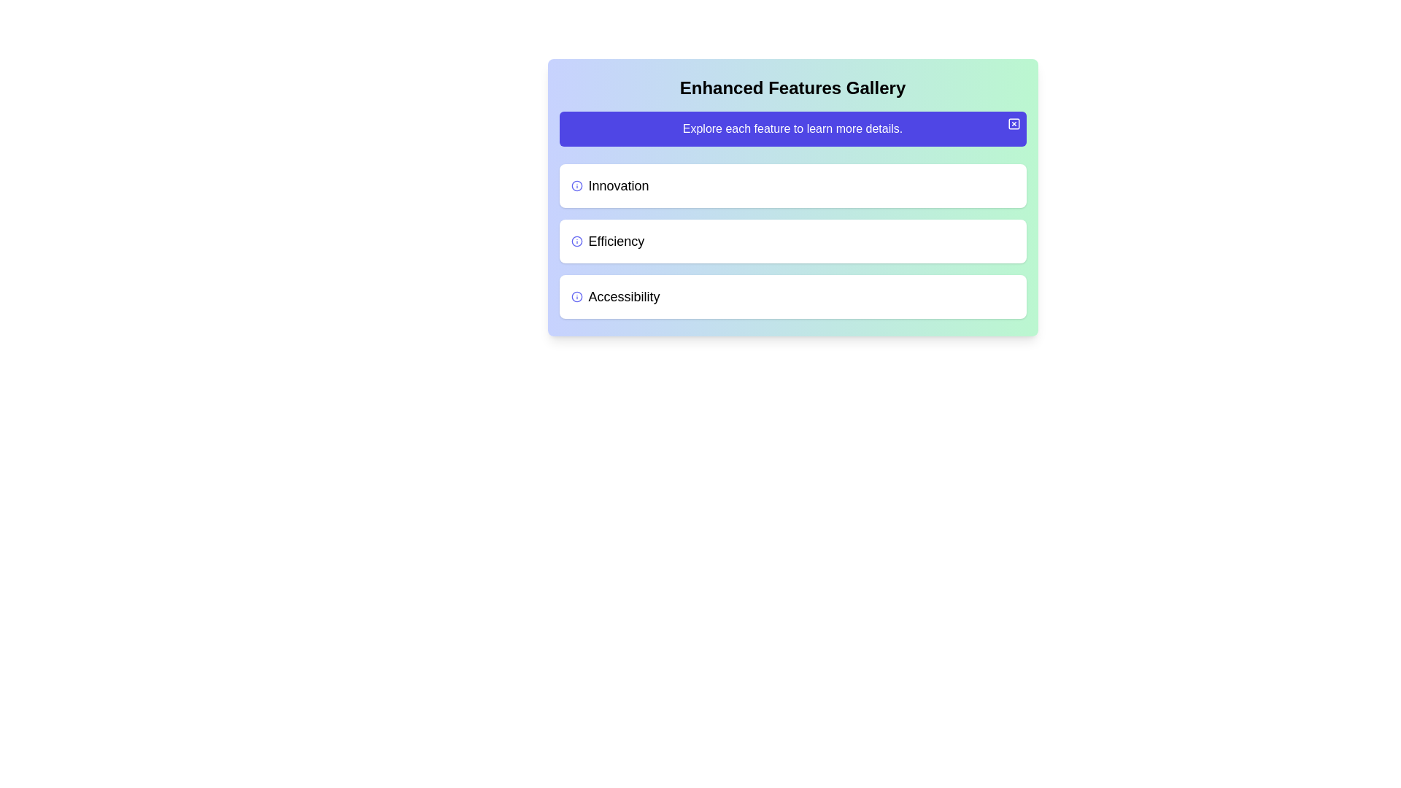 This screenshot has height=788, width=1401. Describe the element at coordinates (792, 128) in the screenshot. I see `informational banner with a purple background containing the text 'Explore each feature to learn more details.'` at that location.